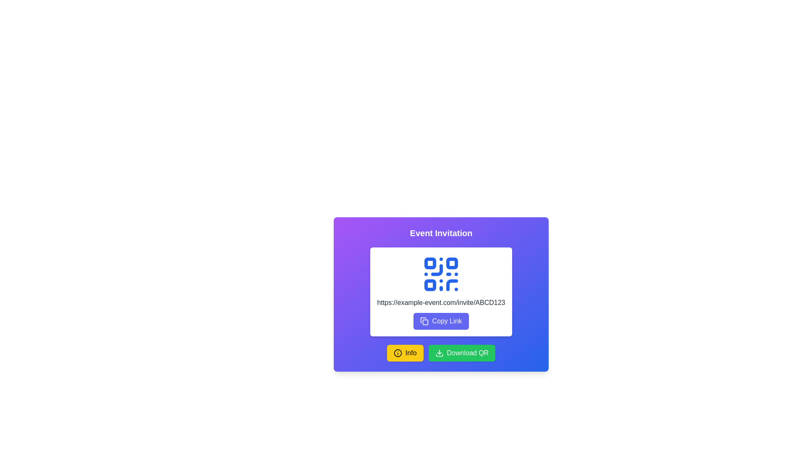 The height and width of the screenshot is (453, 806). I want to click on the QR code in the shareable event invitation modal dialog box to trigger visual effects or display additional information, so click(441, 320).